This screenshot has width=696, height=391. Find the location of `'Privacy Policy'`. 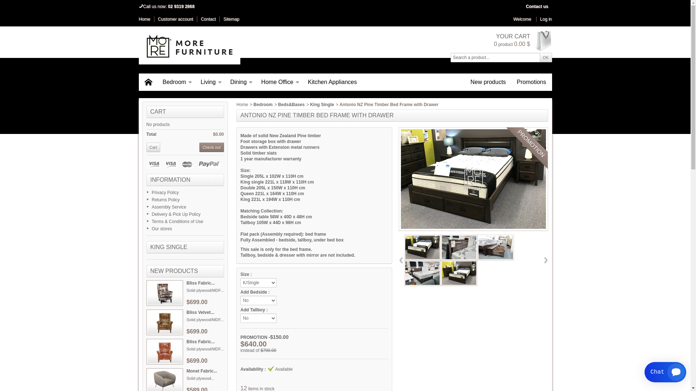

'Privacy Policy' is located at coordinates (165, 192).